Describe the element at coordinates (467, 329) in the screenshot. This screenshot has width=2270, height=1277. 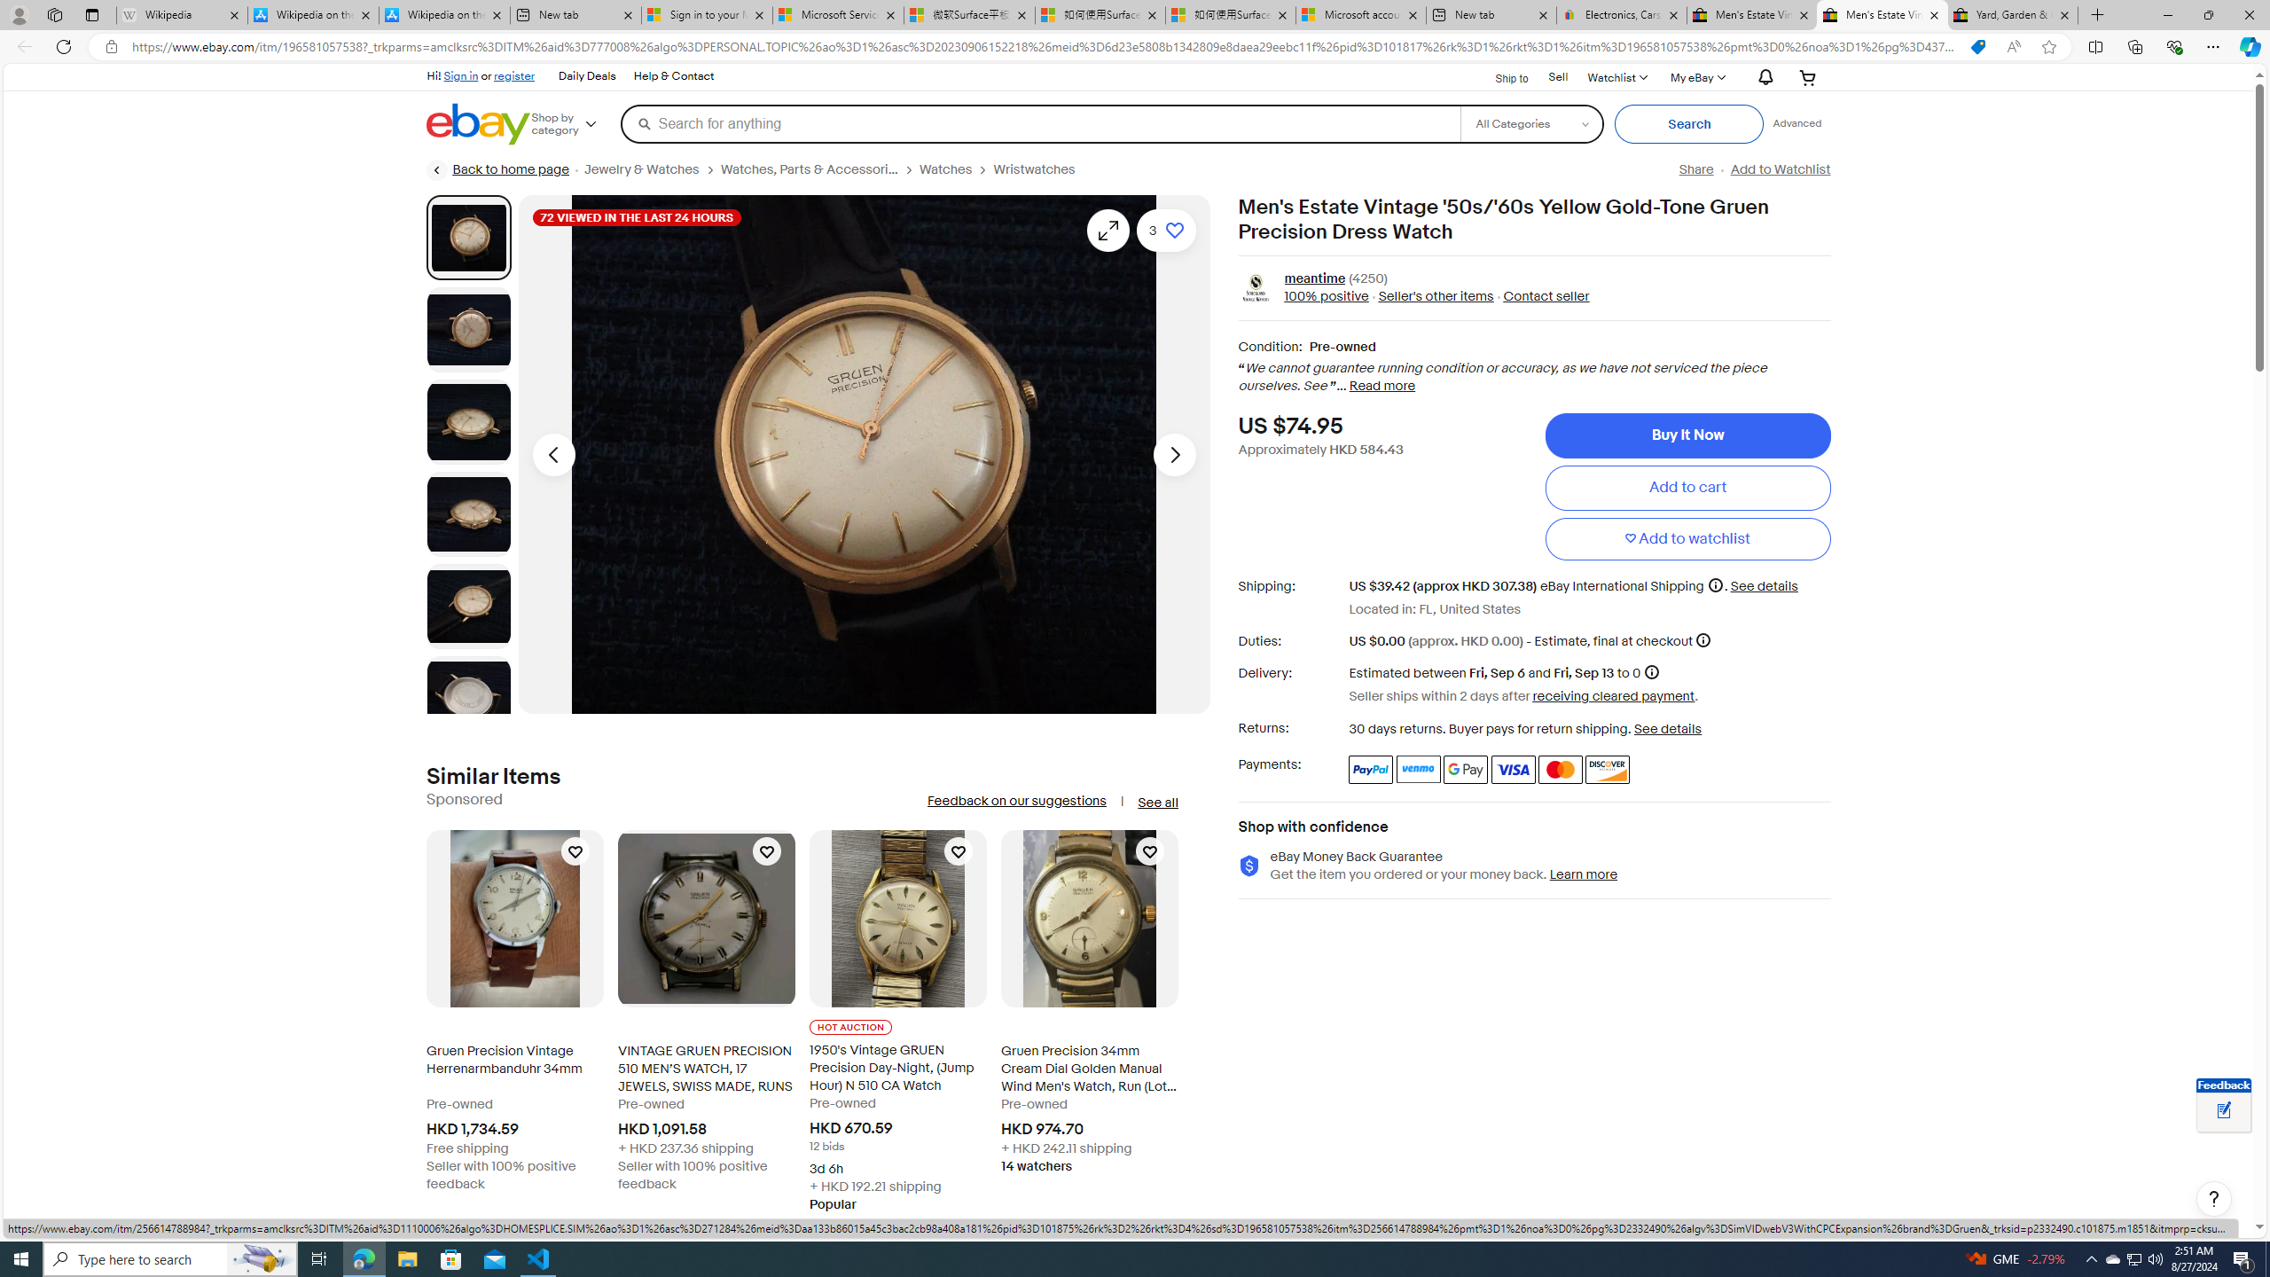
I see `'Picture 2 of 8'` at that location.